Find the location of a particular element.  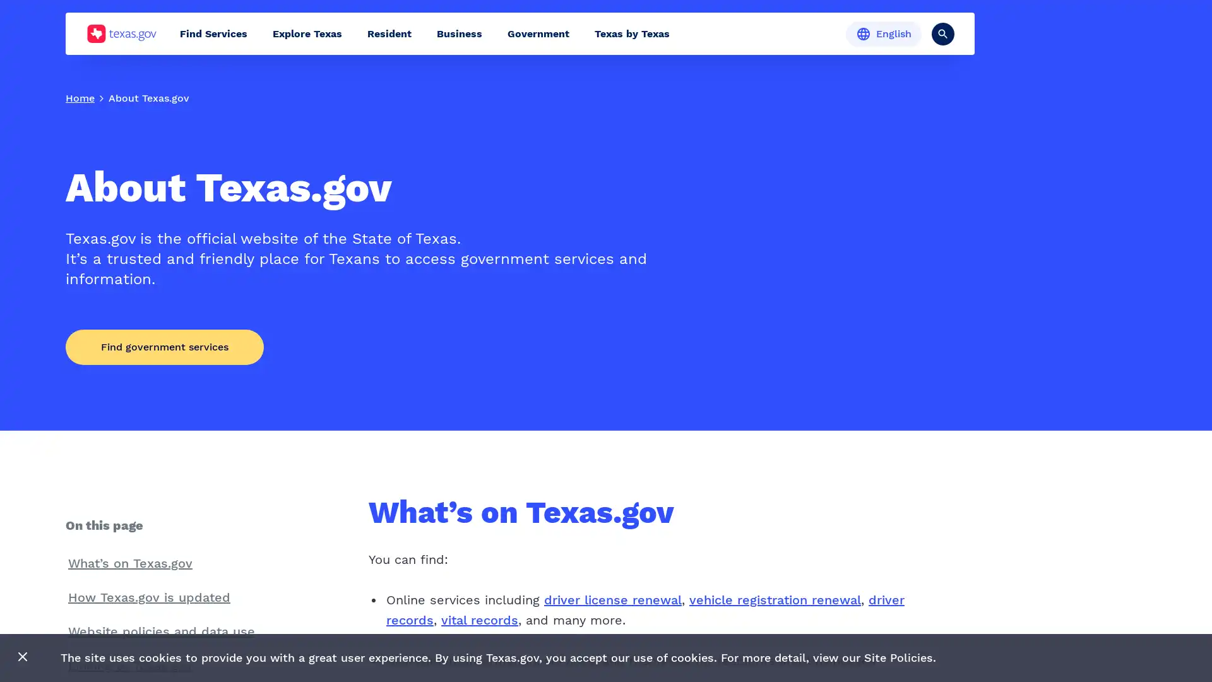

Explore Texas is located at coordinates (307, 33).